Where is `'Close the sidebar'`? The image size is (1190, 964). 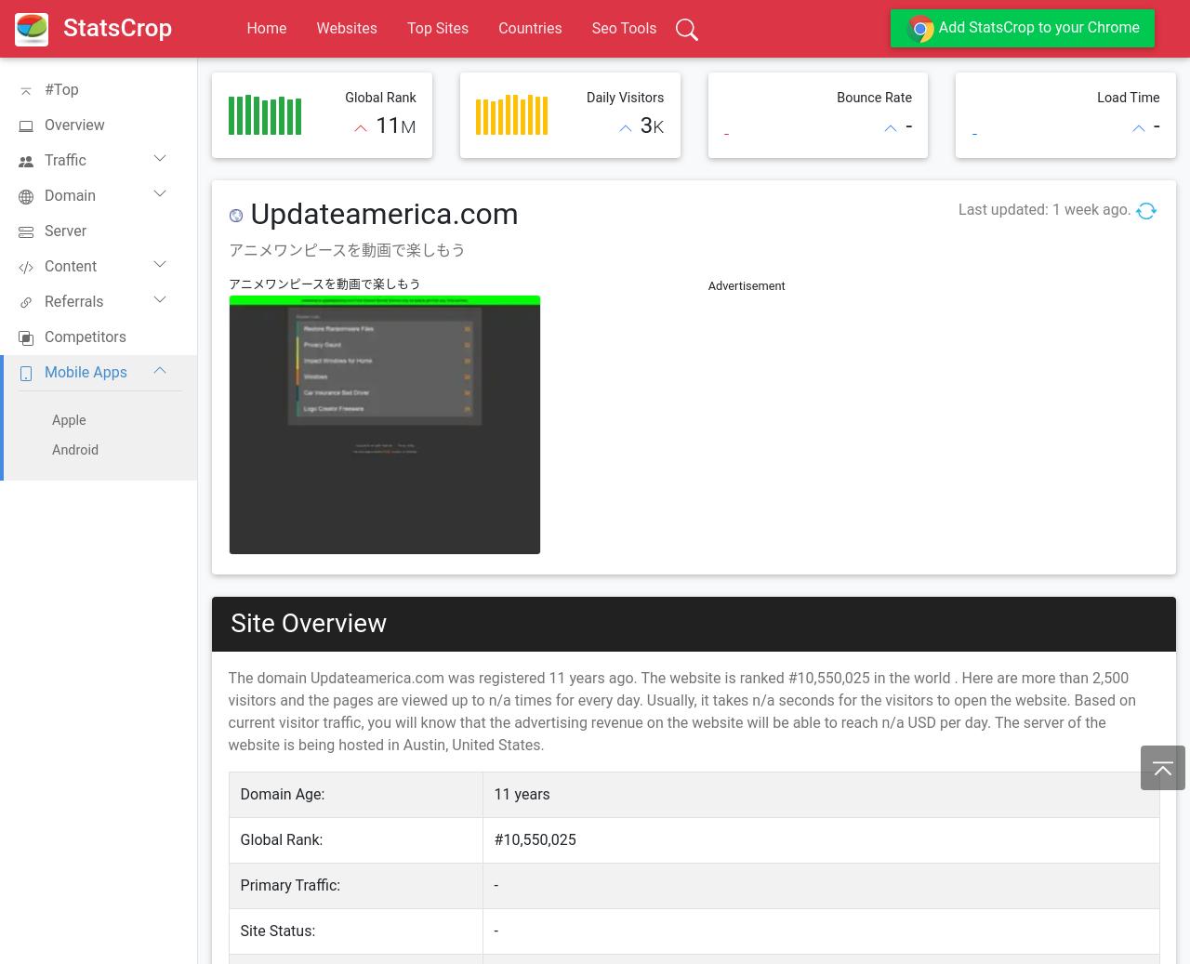 'Close the sidebar' is located at coordinates (23, 32).